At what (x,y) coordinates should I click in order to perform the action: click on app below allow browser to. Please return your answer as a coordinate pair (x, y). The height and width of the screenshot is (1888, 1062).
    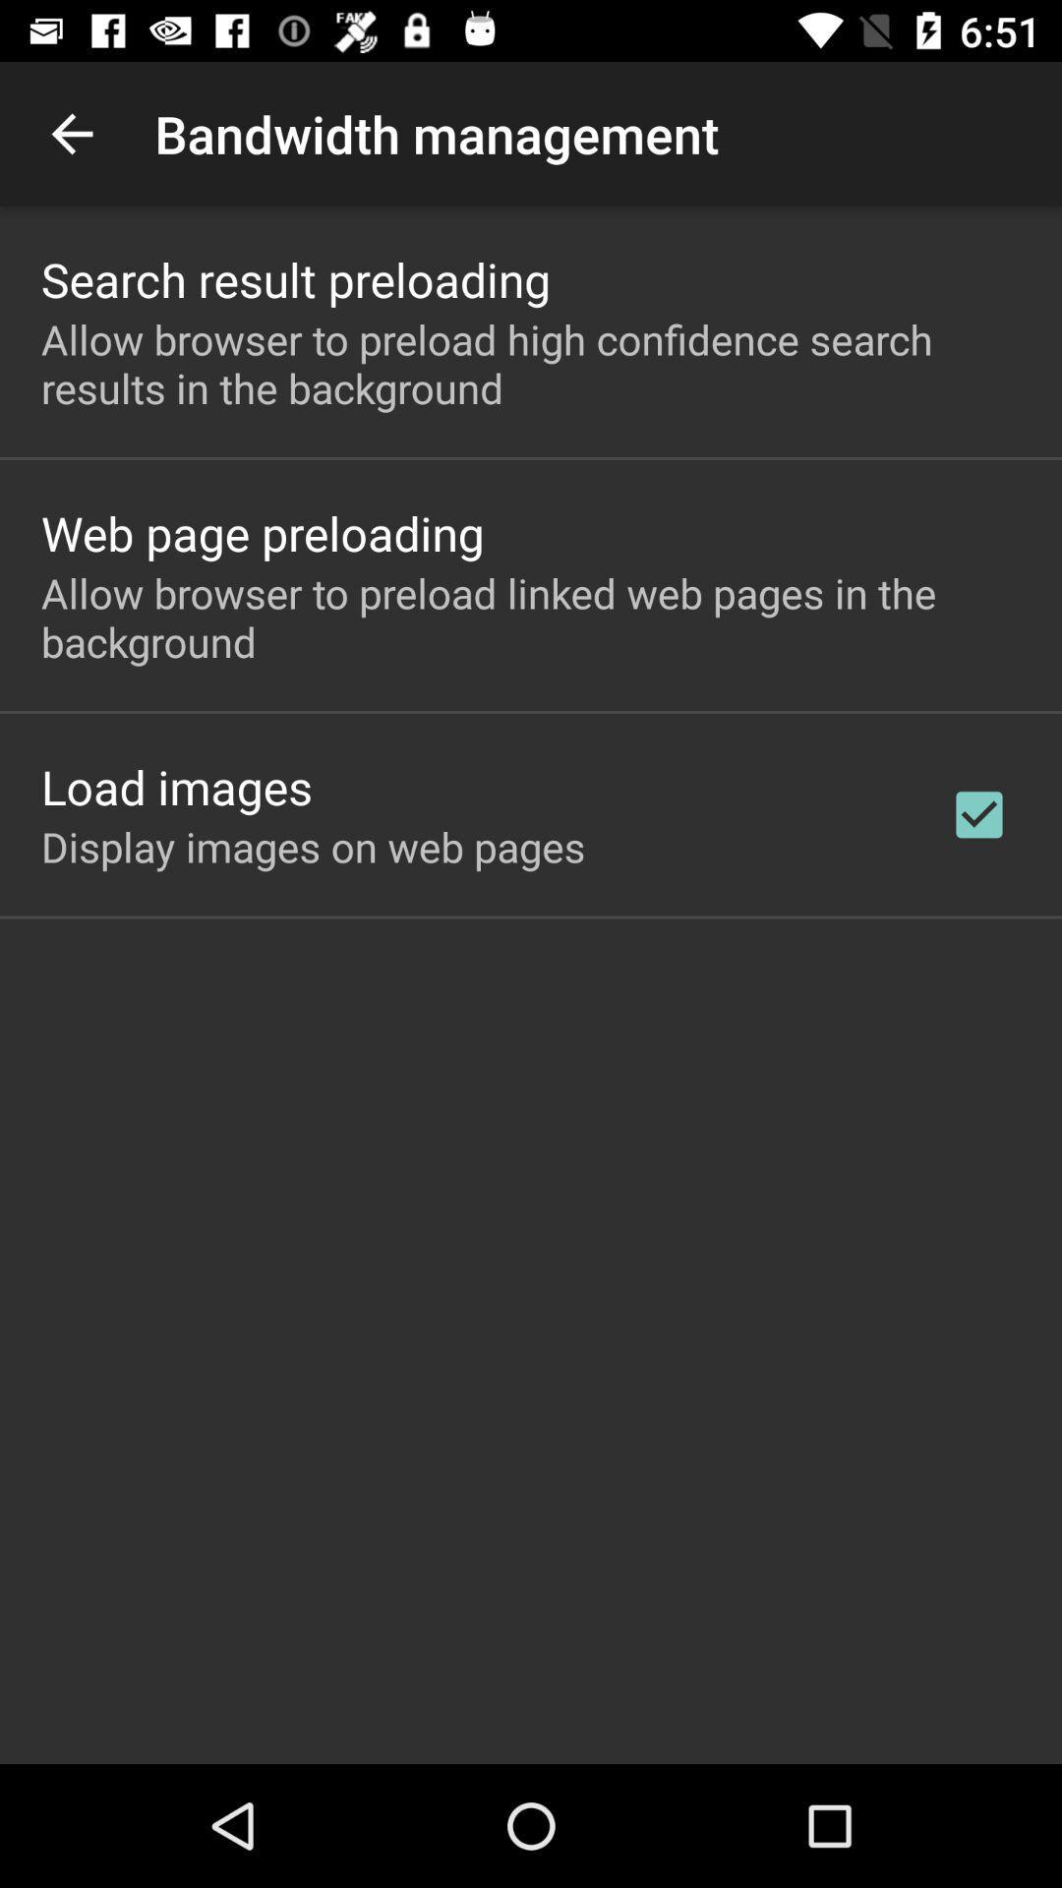
    Looking at the image, I should click on (978, 814).